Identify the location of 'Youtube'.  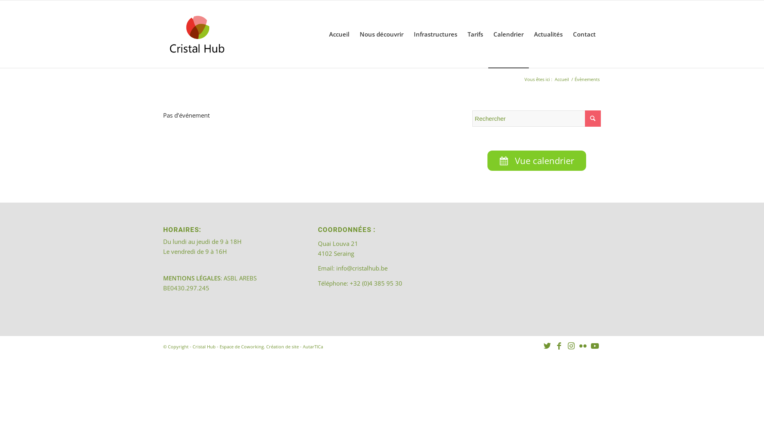
(594, 346).